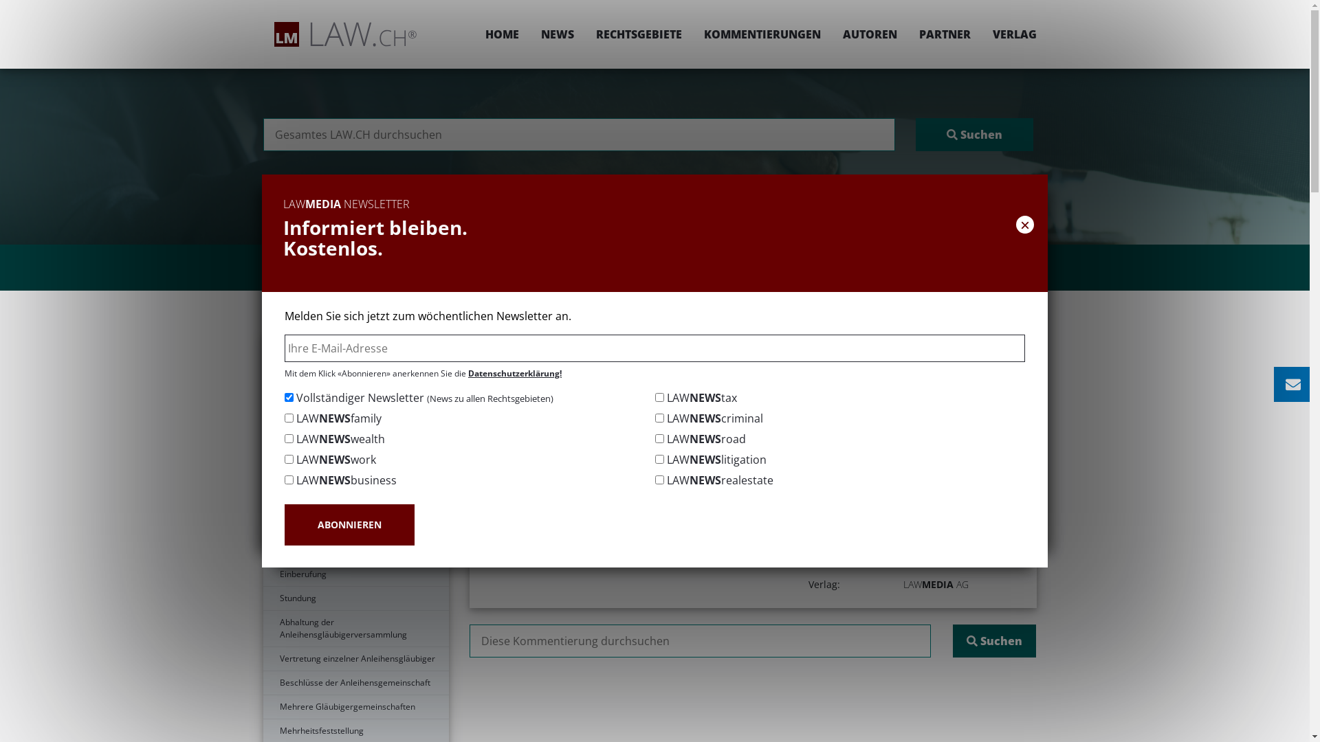 This screenshot has width=1320, height=742. Describe the element at coordinates (637, 34) in the screenshot. I see `'RECHTSGEBIETE'` at that location.